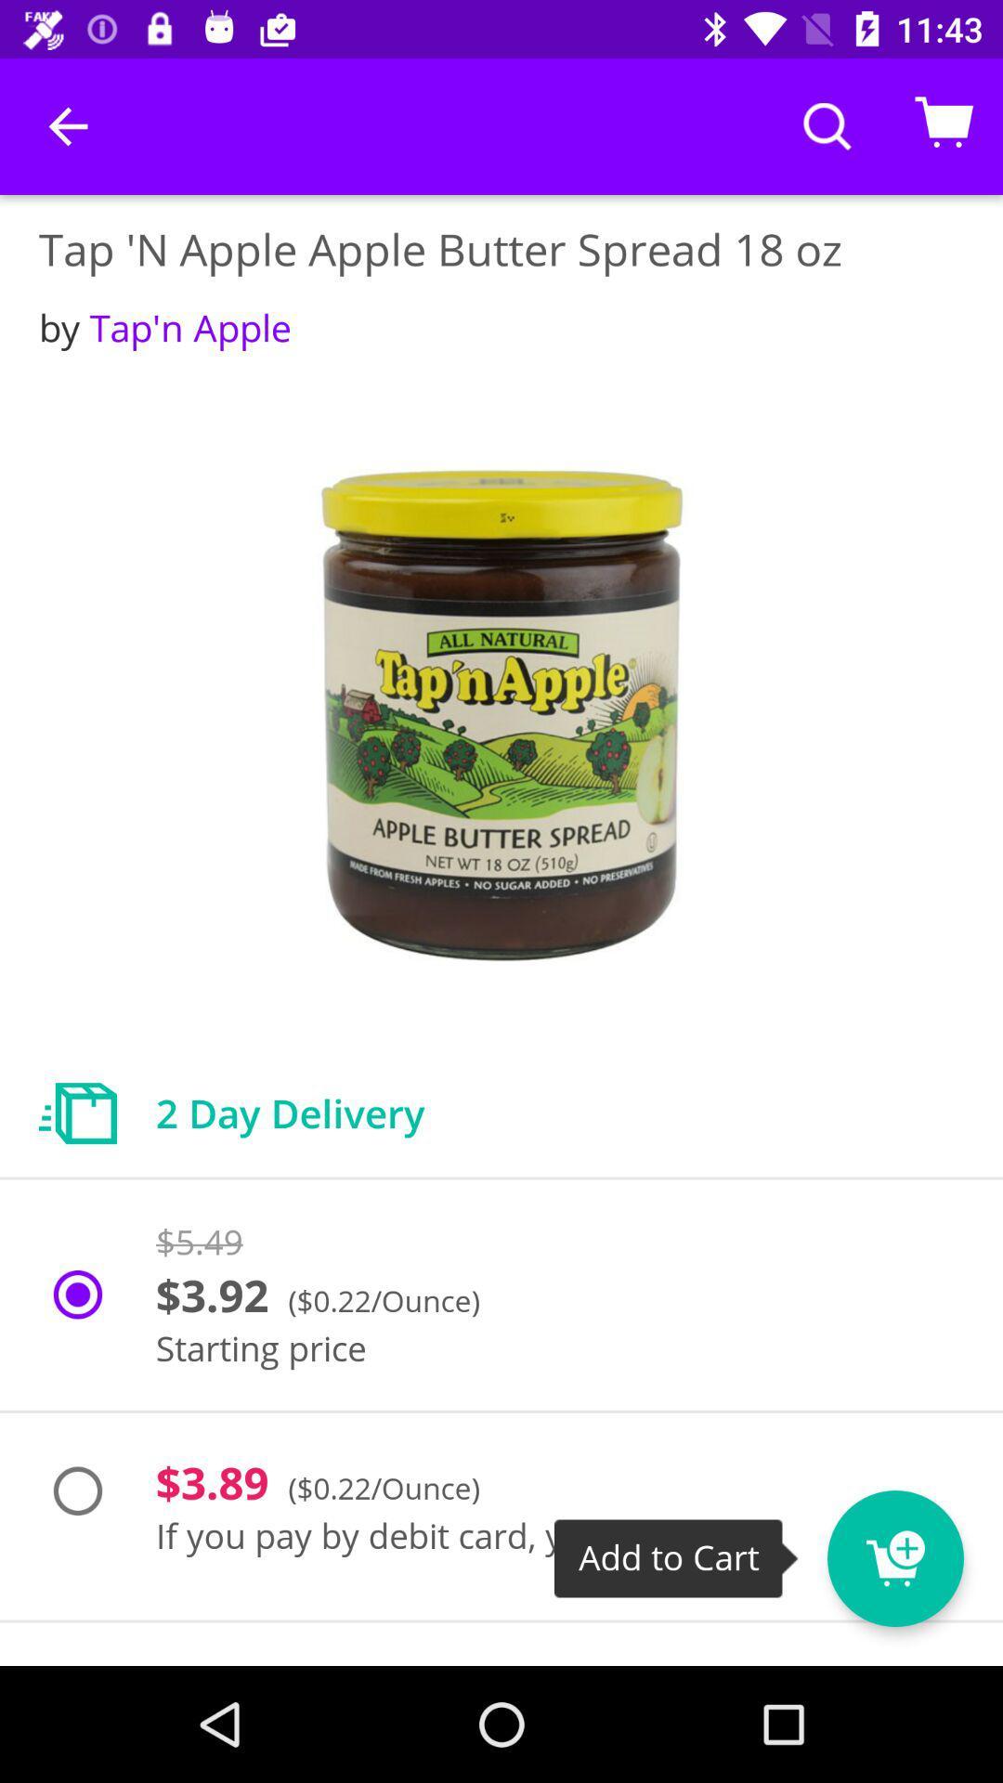 The width and height of the screenshot is (1003, 1783). I want to click on item above tap n apple, so click(67, 125).